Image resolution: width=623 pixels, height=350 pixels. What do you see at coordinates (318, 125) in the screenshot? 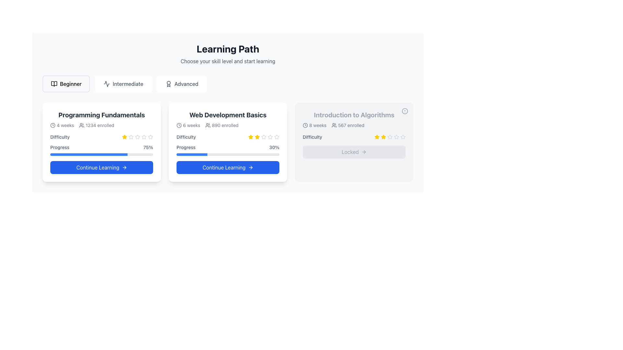
I see `the text label displaying '8 weeks' that is styled with a small font size and gray color, located to the right of a clock icon within the course tile 'Introduction to Algorithms'` at bounding box center [318, 125].